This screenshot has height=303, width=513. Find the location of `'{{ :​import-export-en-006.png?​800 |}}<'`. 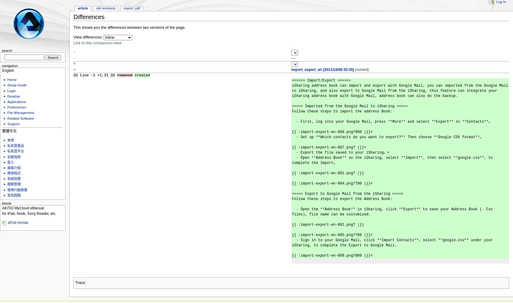

'{{ :​import-export-en-006.png?​800 |}}<' is located at coordinates (292, 132).